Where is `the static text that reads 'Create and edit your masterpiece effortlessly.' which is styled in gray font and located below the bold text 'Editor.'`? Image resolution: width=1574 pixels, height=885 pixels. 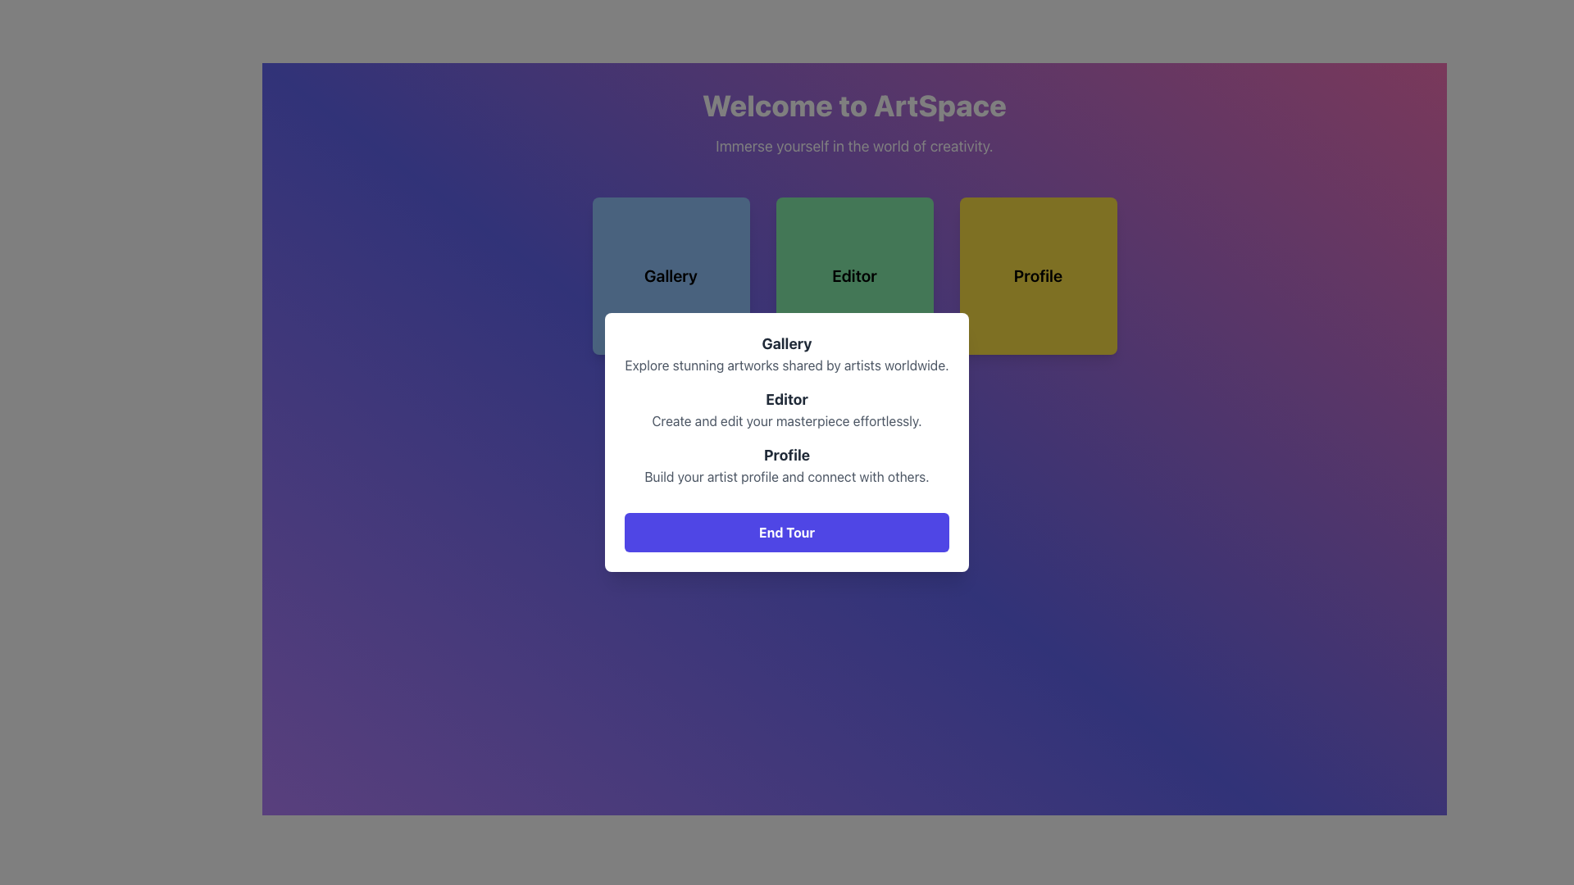
the static text that reads 'Create and edit your masterpiece effortlessly.' which is styled in gray font and located below the bold text 'Editor.' is located at coordinates (787, 420).